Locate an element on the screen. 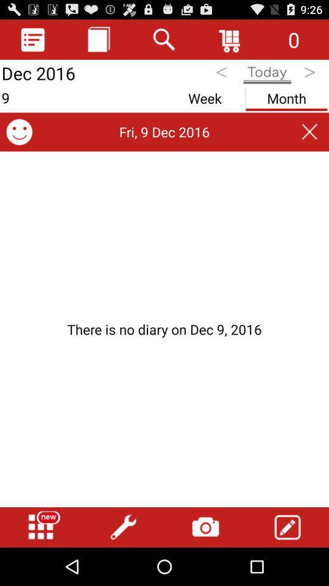 This screenshot has height=586, width=329. previous day is located at coordinates (222, 74).